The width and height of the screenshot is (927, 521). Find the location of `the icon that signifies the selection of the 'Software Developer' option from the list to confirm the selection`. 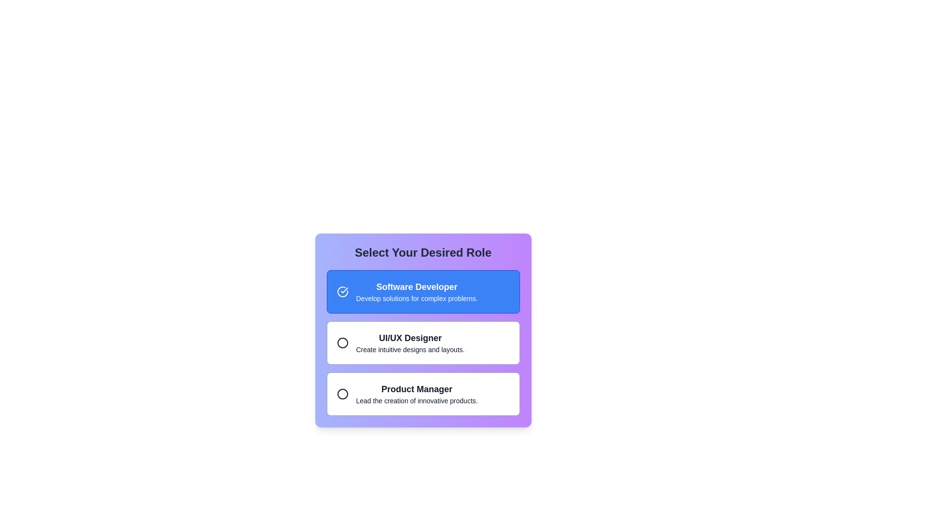

the icon that signifies the selection of the 'Software Developer' option from the list to confirm the selection is located at coordinates (342, 291).